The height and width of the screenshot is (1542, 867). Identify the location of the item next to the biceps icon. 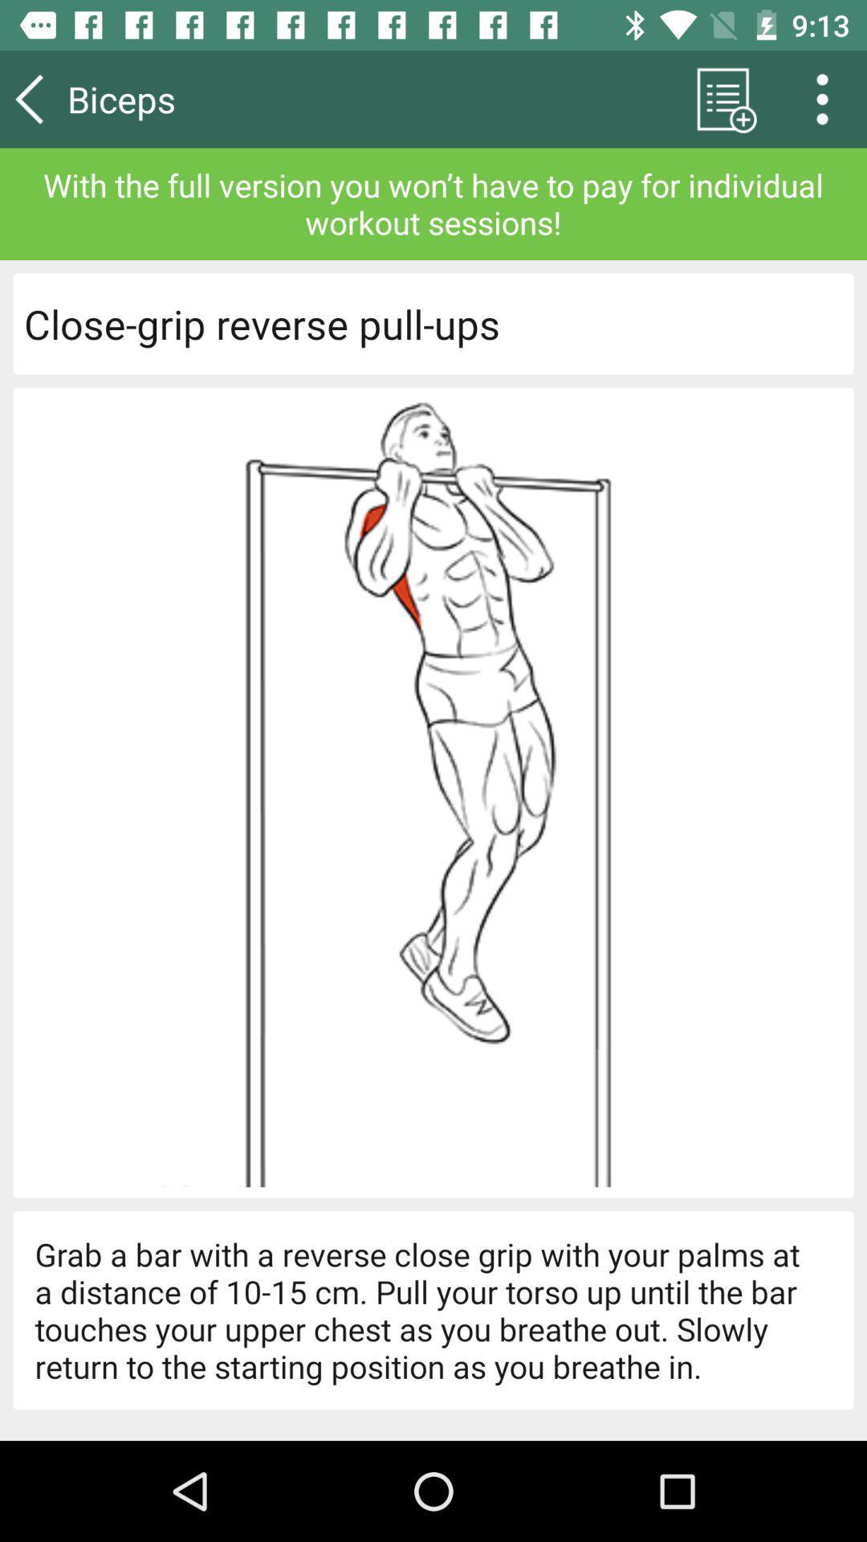
(722, 98).